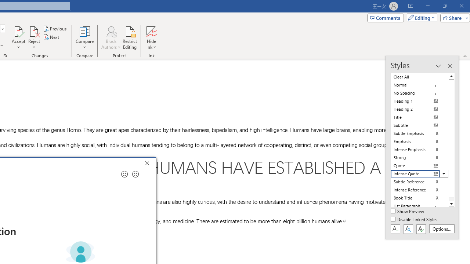 The image size is (470, 264). I want to click on 'No Spacing', so click(419, 93).